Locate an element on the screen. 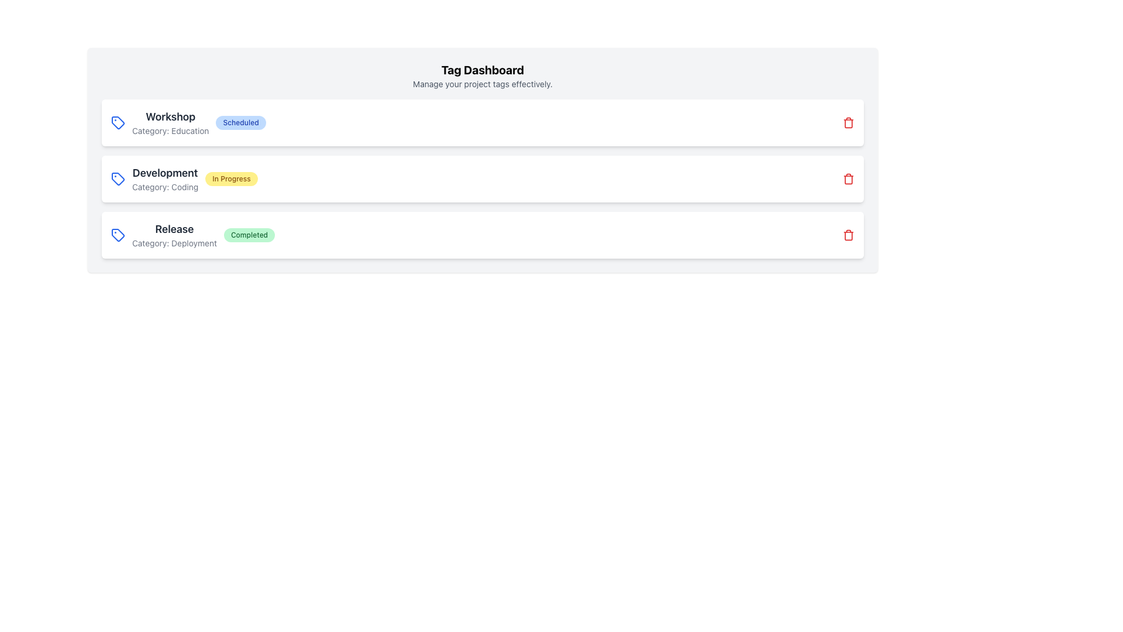 This screenshot has height=632, width=1123. the 'Development' task label which includes a tag icon and a status badge indicating 'In Progress.' is located at coordinates (184, 178).